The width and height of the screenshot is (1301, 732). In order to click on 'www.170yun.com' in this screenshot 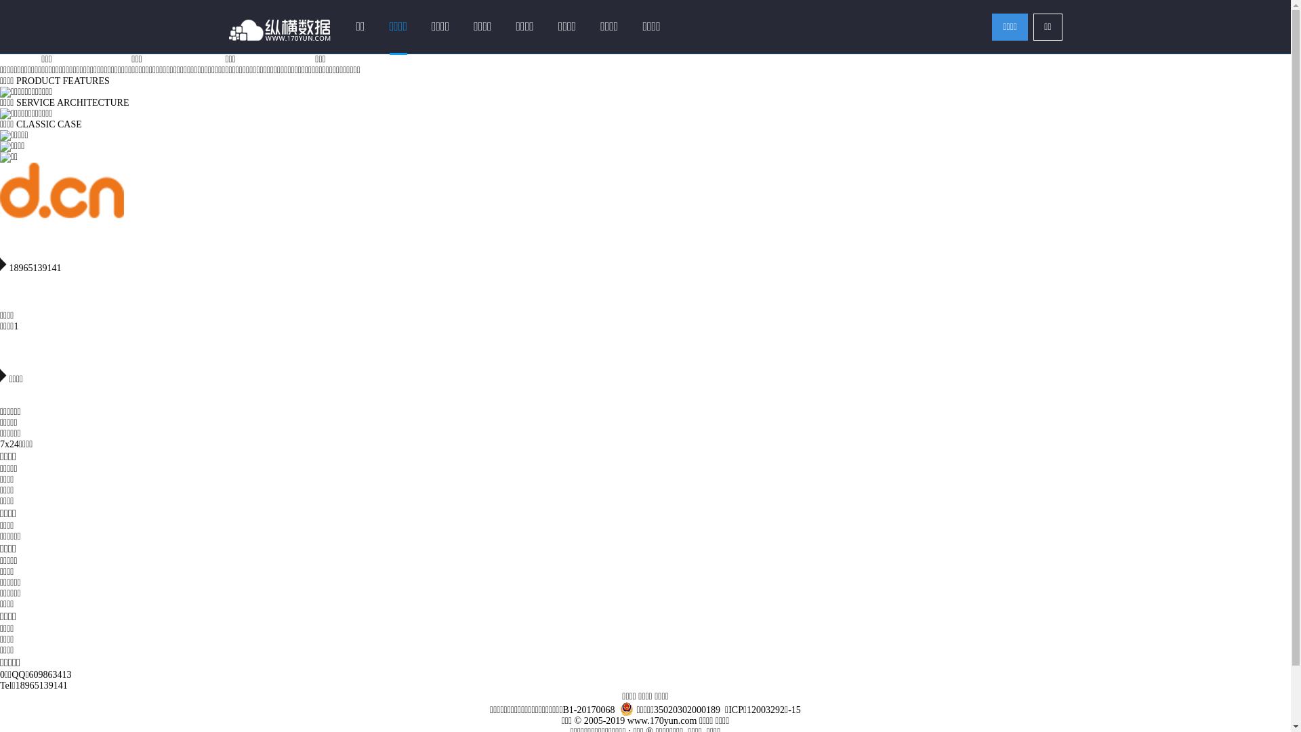, I will do `click(627, 720)`.